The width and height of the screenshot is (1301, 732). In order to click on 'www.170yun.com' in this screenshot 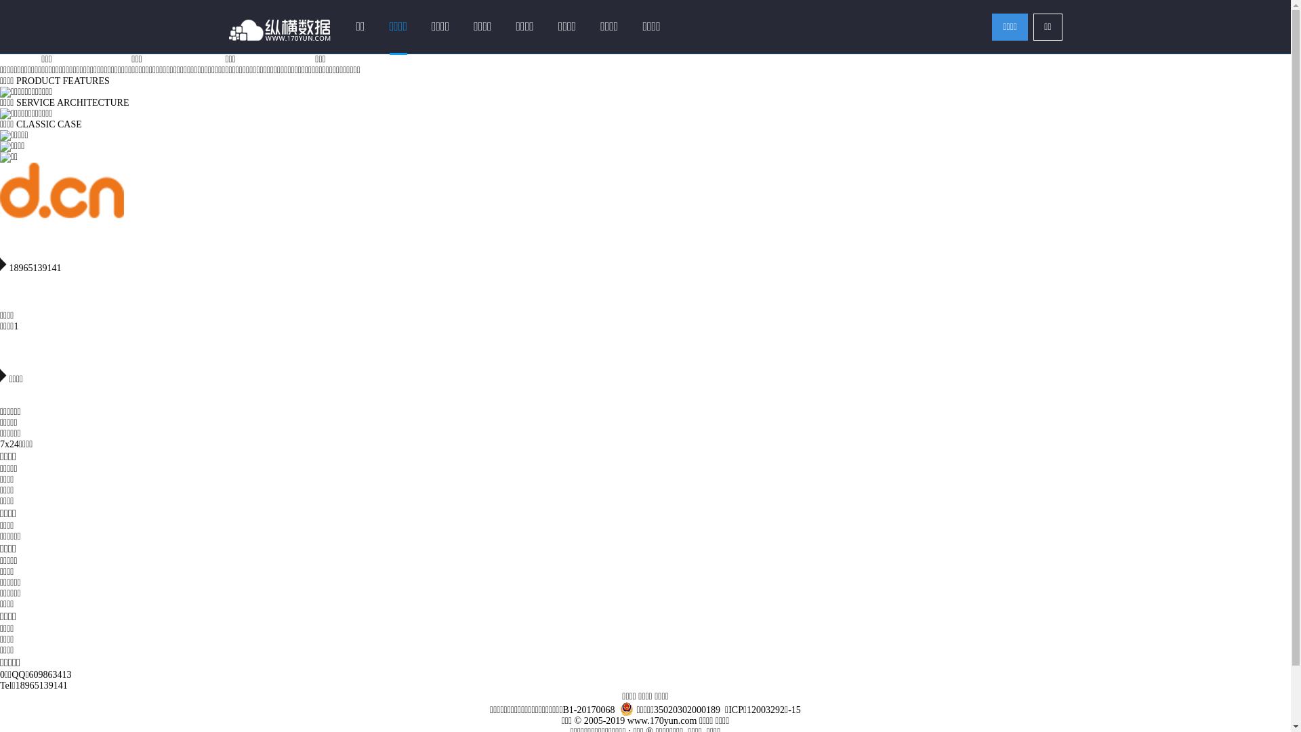, I will do `click(627, 720)`.